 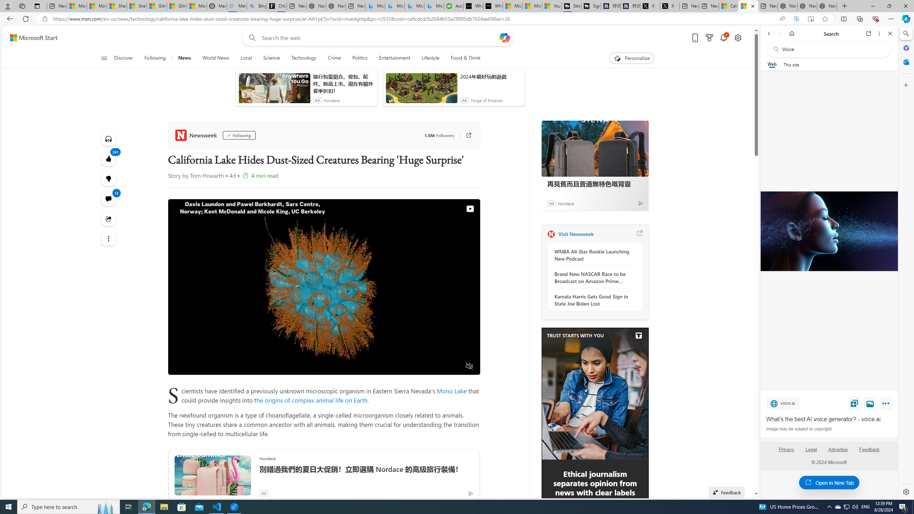 What do you see at coordinates (772, 64) in the screenshot?
I see `'Web scope'` at bounding box center [772, 64].